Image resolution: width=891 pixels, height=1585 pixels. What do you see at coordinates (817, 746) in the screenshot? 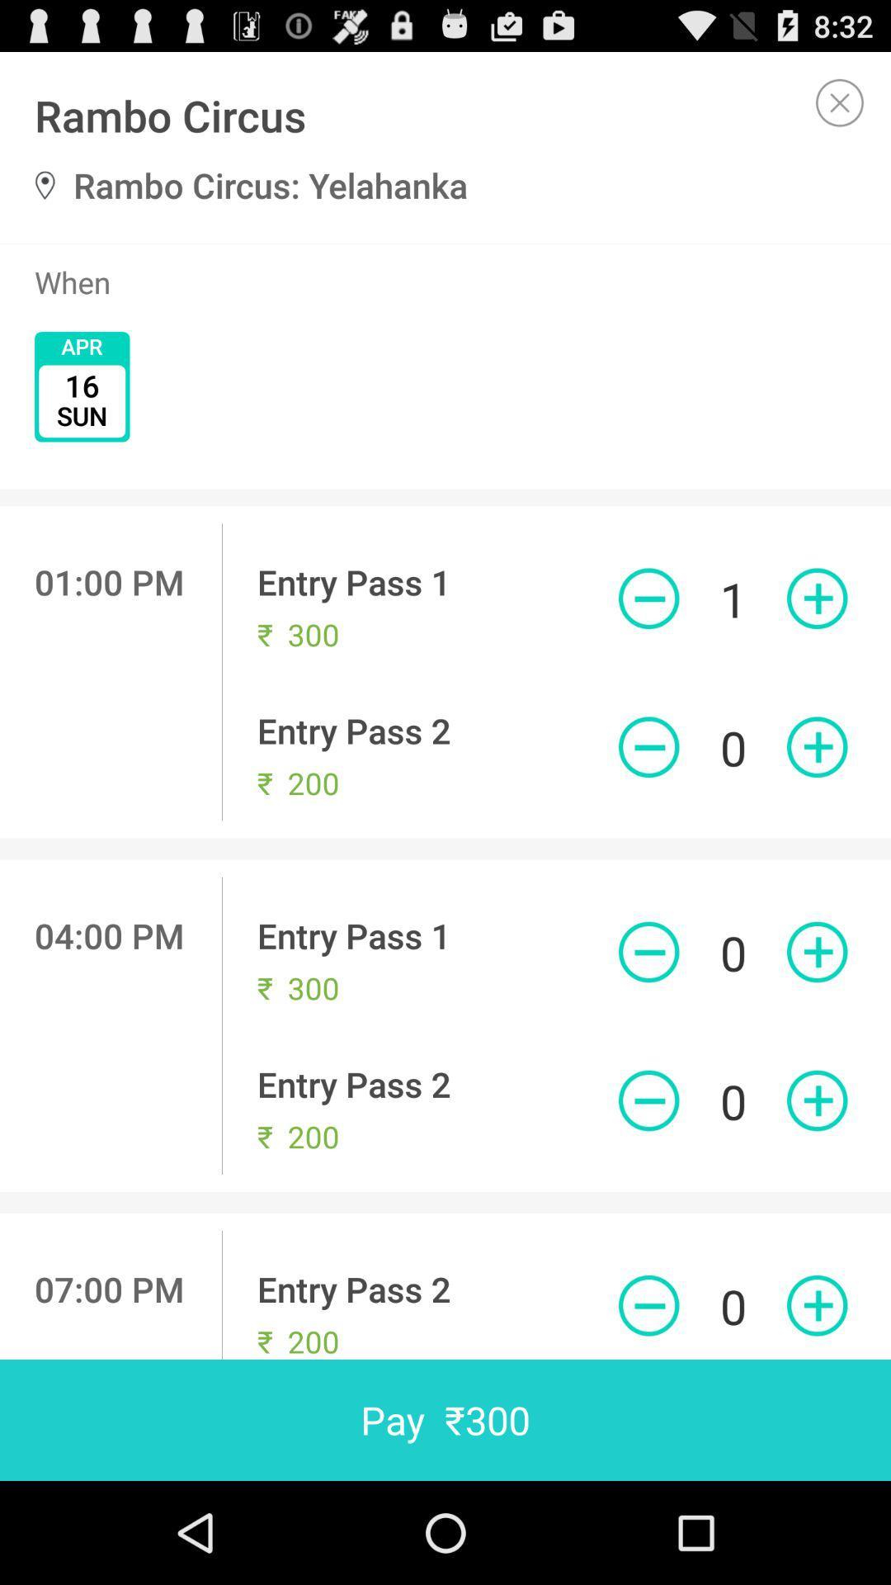
I see `to cart` at bounding box center [817, 746].